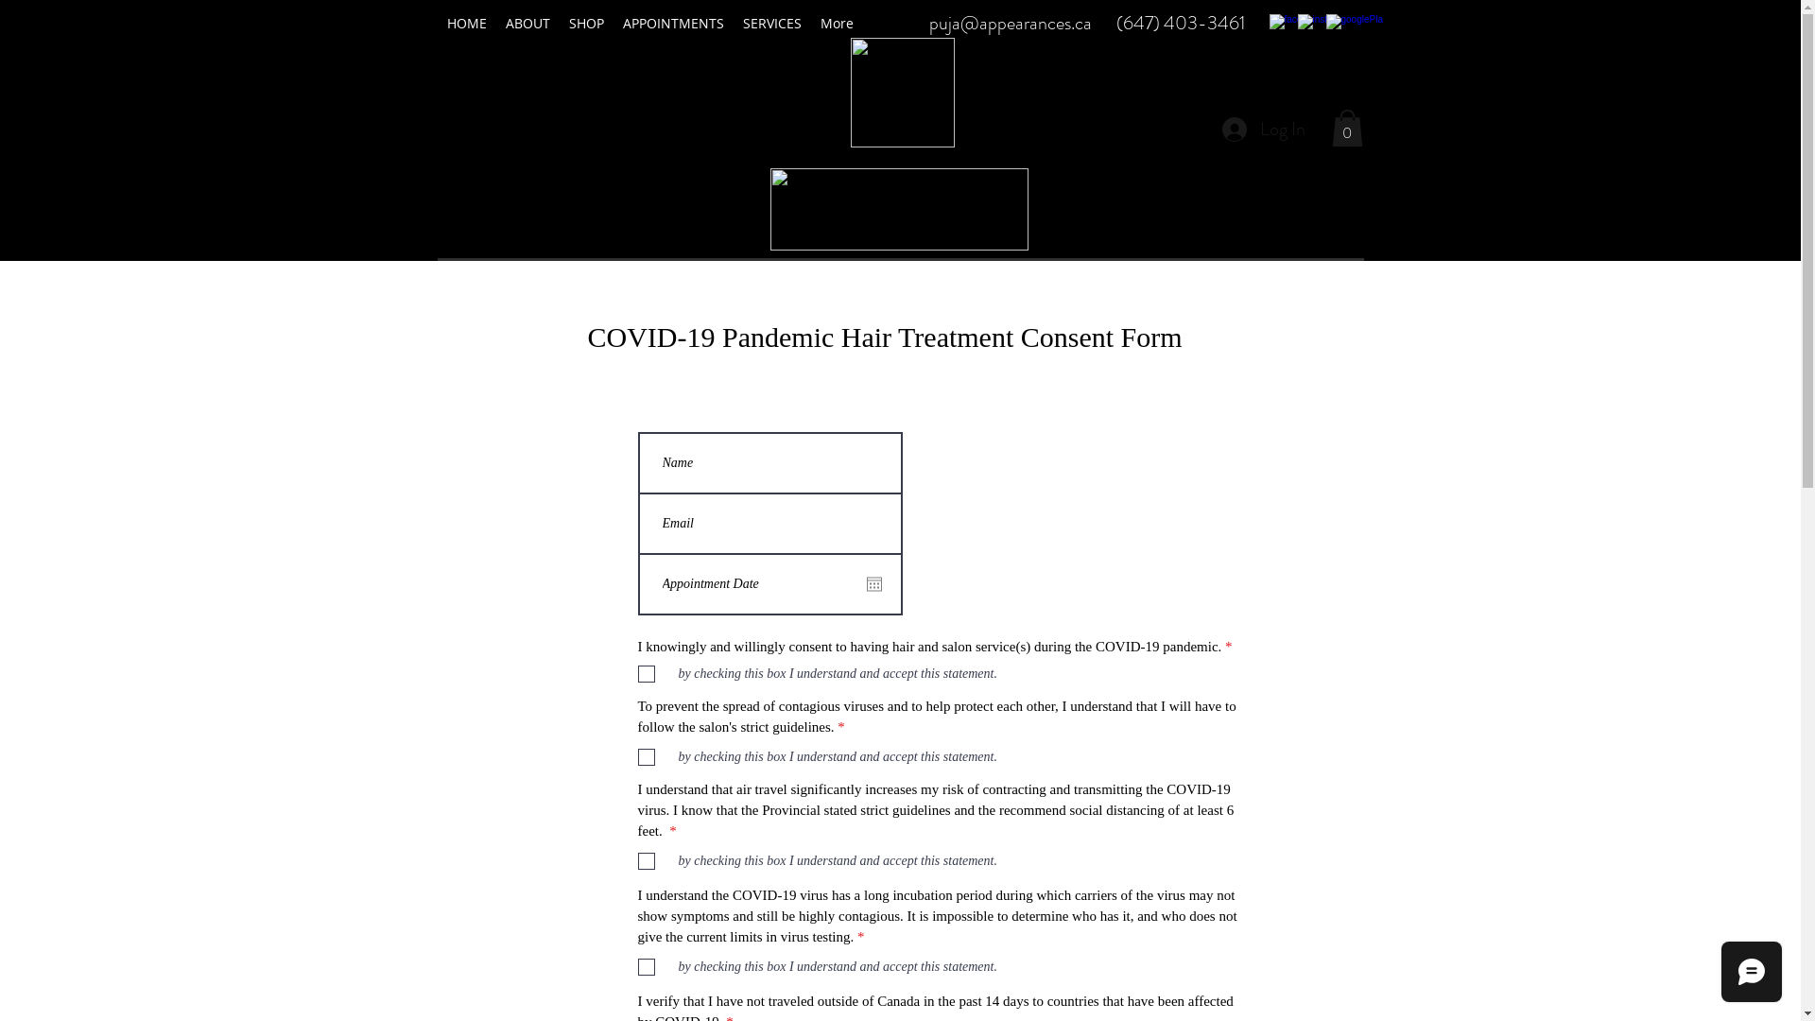 This screenshot has height=1021, width=1815. Describe the element at coordinates (733, 23) in the screenshot. I see `'SERVICES'` at that location.